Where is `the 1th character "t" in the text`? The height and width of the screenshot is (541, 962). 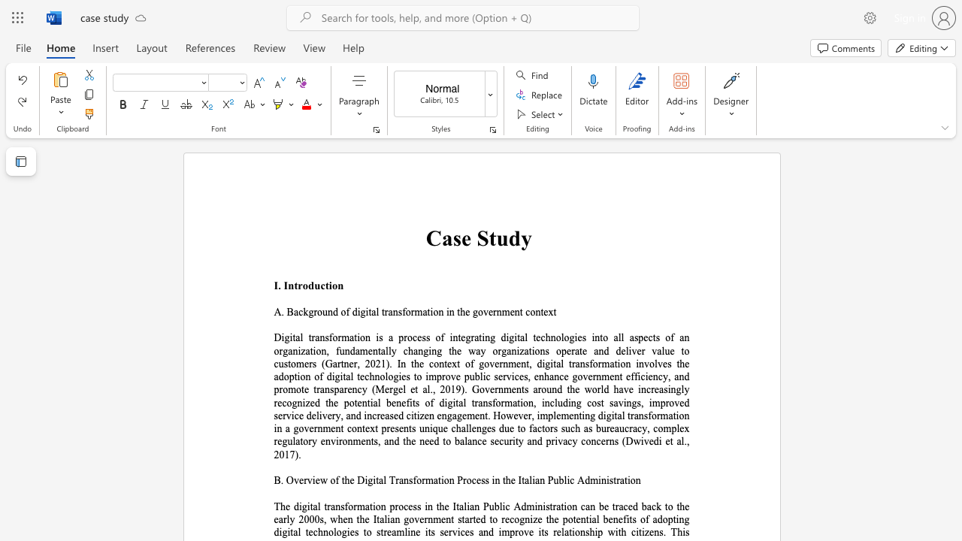
the 1th character "t" in the text is located at coordinates (492, 237).